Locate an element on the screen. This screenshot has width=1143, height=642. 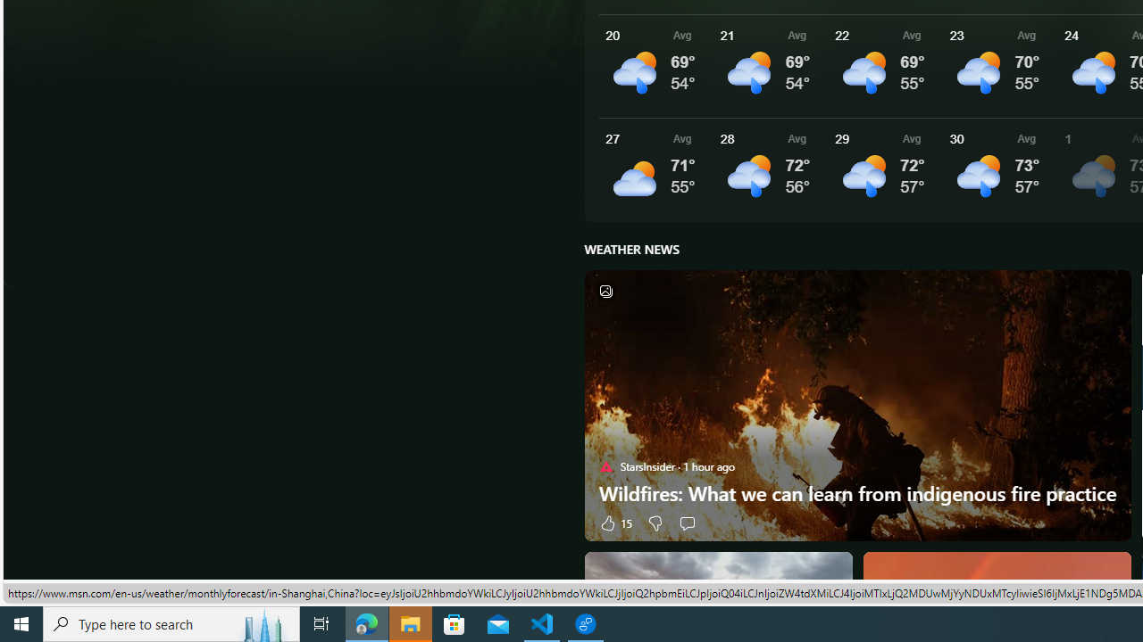
'StarsInsider' is located at coordinates (605, 465).